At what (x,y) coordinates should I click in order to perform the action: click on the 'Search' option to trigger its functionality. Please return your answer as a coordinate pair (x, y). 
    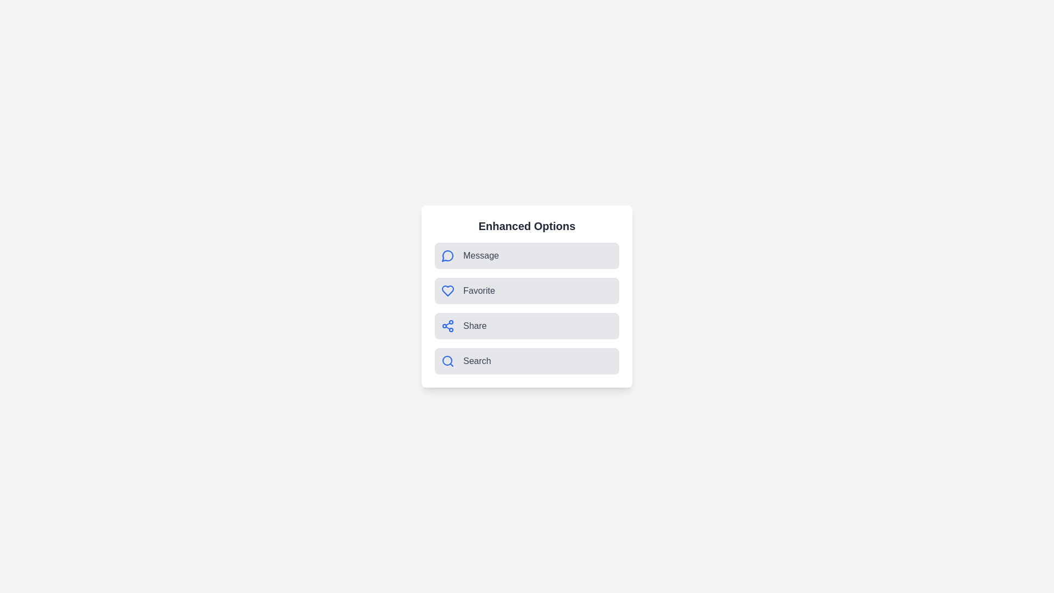
    Looking at the image, I should click on (527, 361).